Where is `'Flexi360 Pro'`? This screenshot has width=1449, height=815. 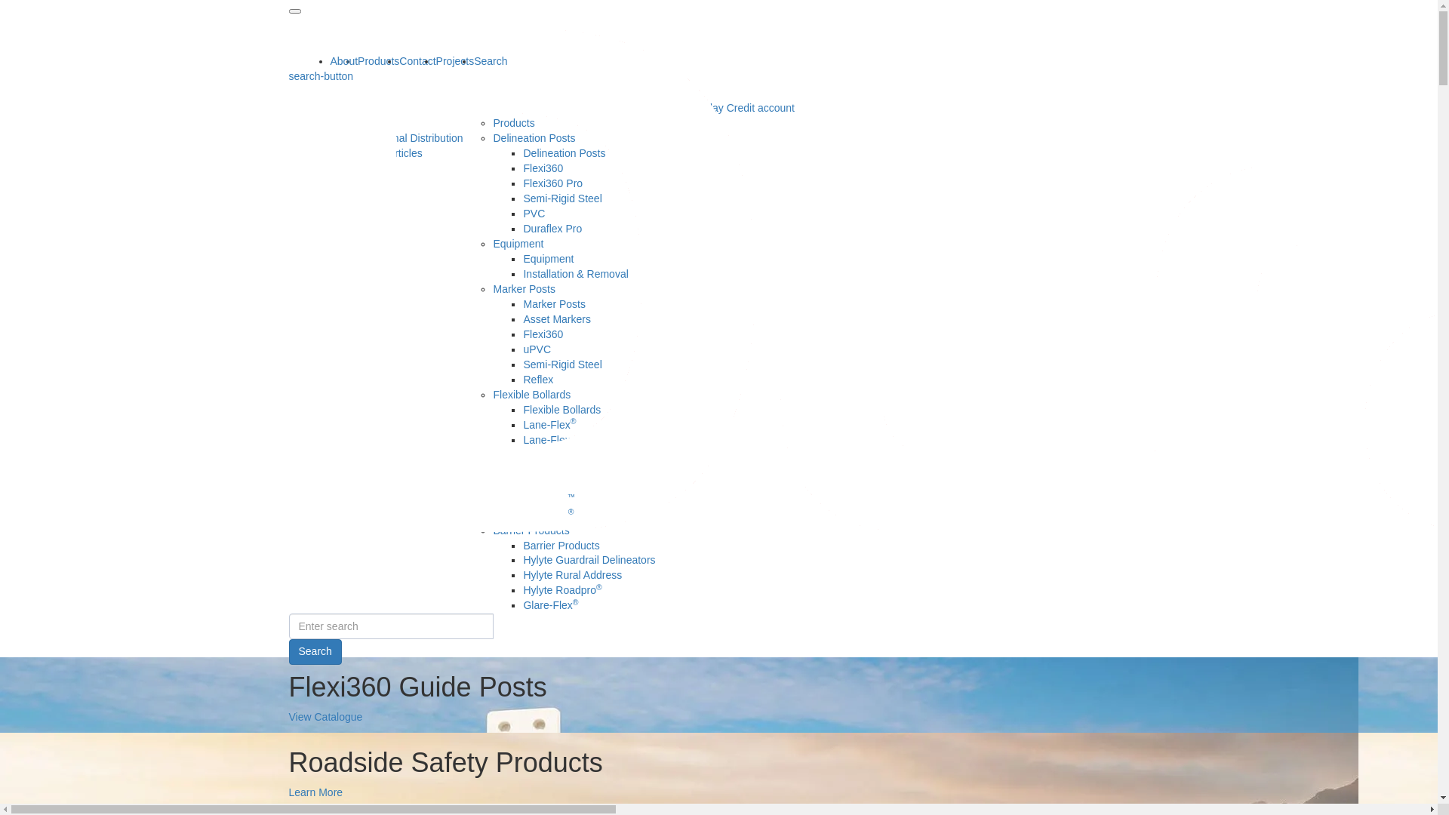 'Flexi360 Pro' is located at coordinates (522, 183).